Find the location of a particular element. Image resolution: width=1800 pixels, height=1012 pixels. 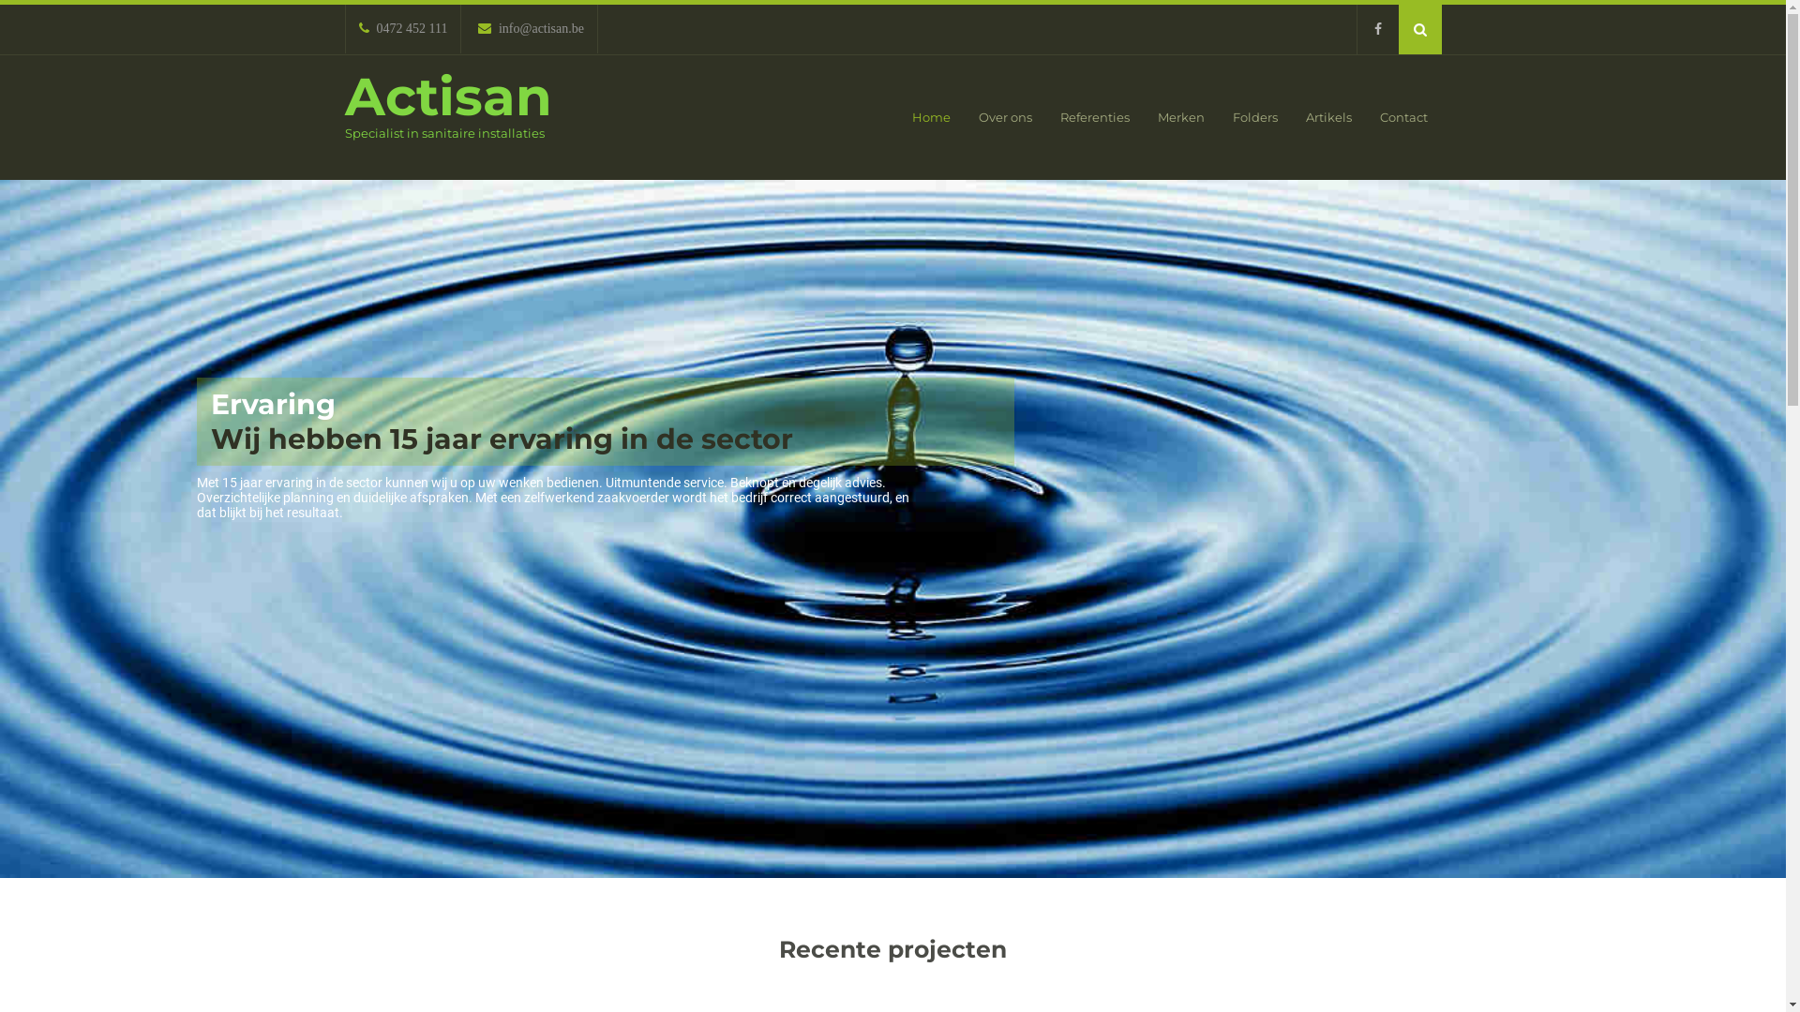

'Actisan' is located at coordinates (447, 97).